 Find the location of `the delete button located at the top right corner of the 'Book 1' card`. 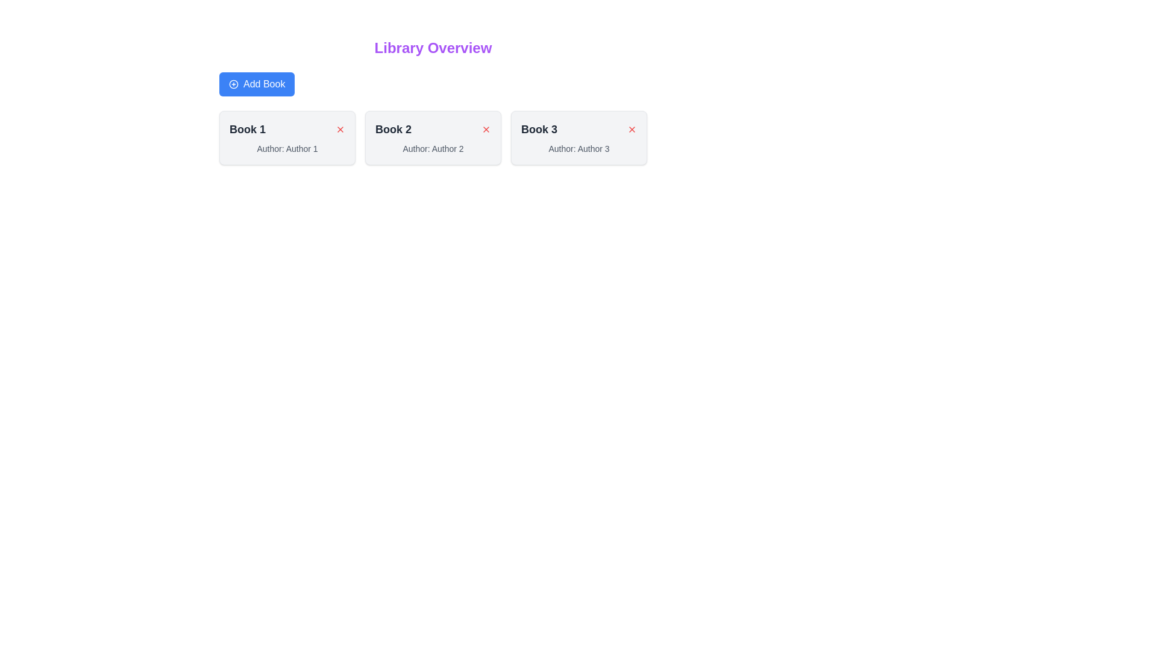

the delete button located at the top right corner of the 'Book 1' card is located at coordinates (340, 130).